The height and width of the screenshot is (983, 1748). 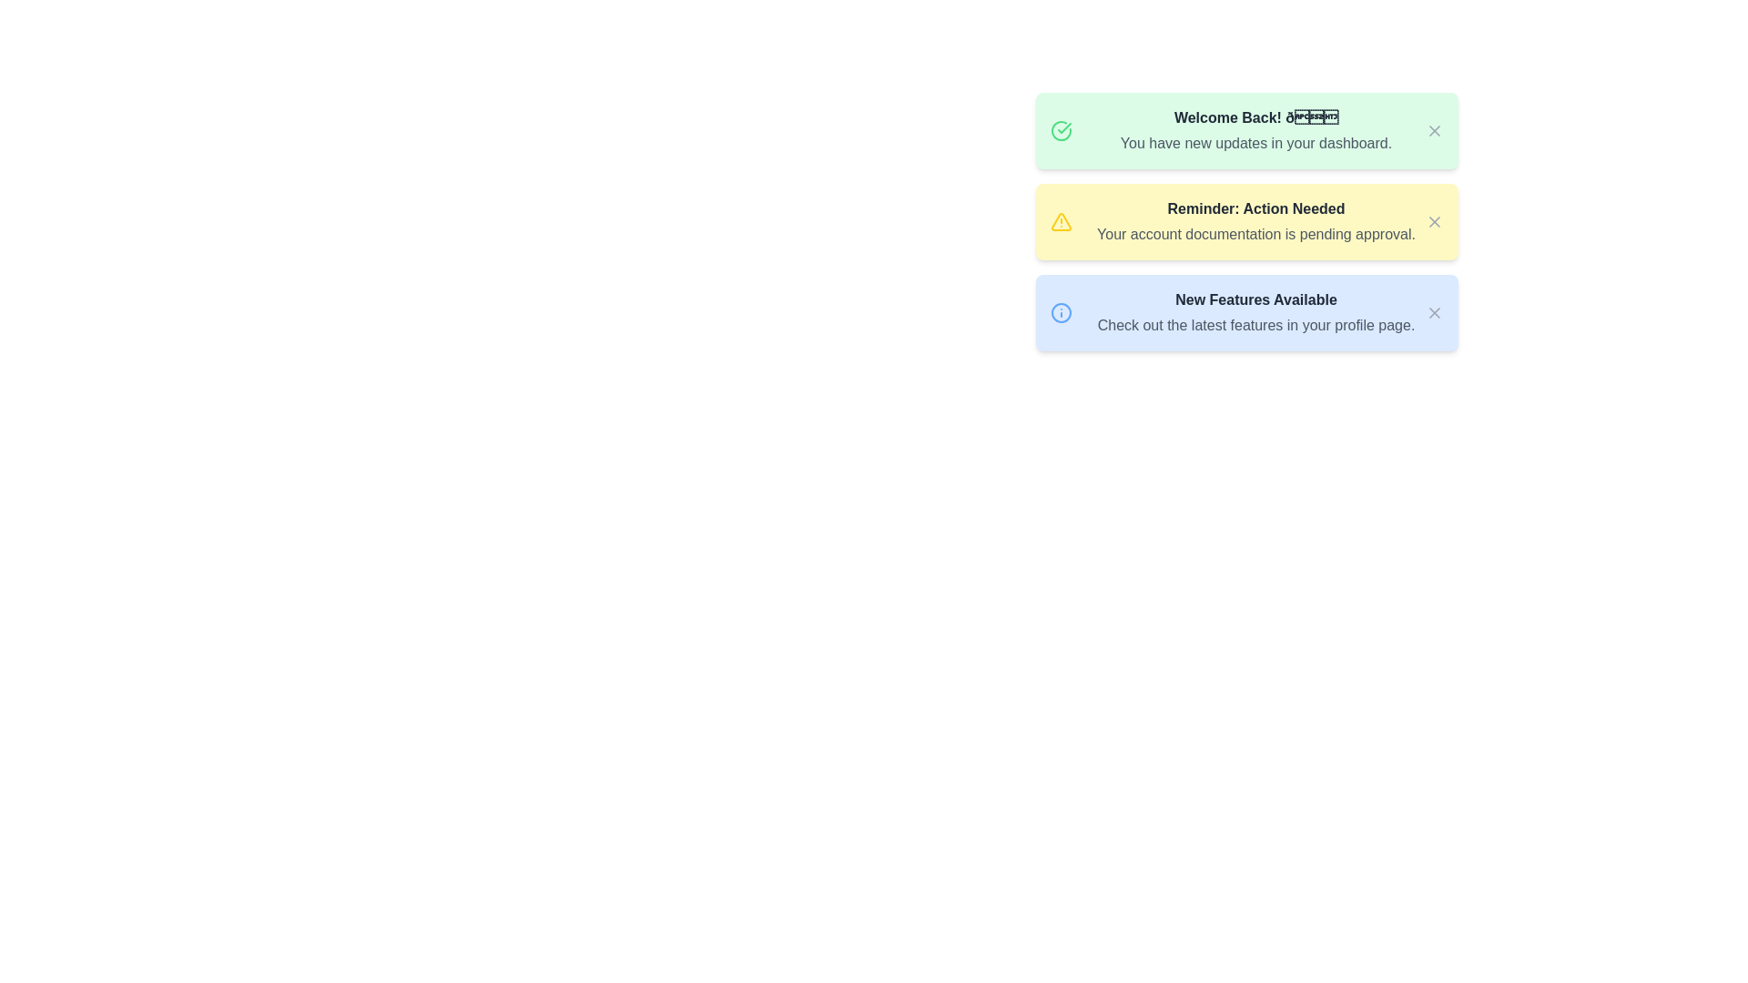 What do you see at coordinates (1433, 220) in the screenshot?
I see `the Close icon located in the top-right corner of the yellow notification card titled 'Reminder: Action Needed'` at bounding box center [1433, 220].